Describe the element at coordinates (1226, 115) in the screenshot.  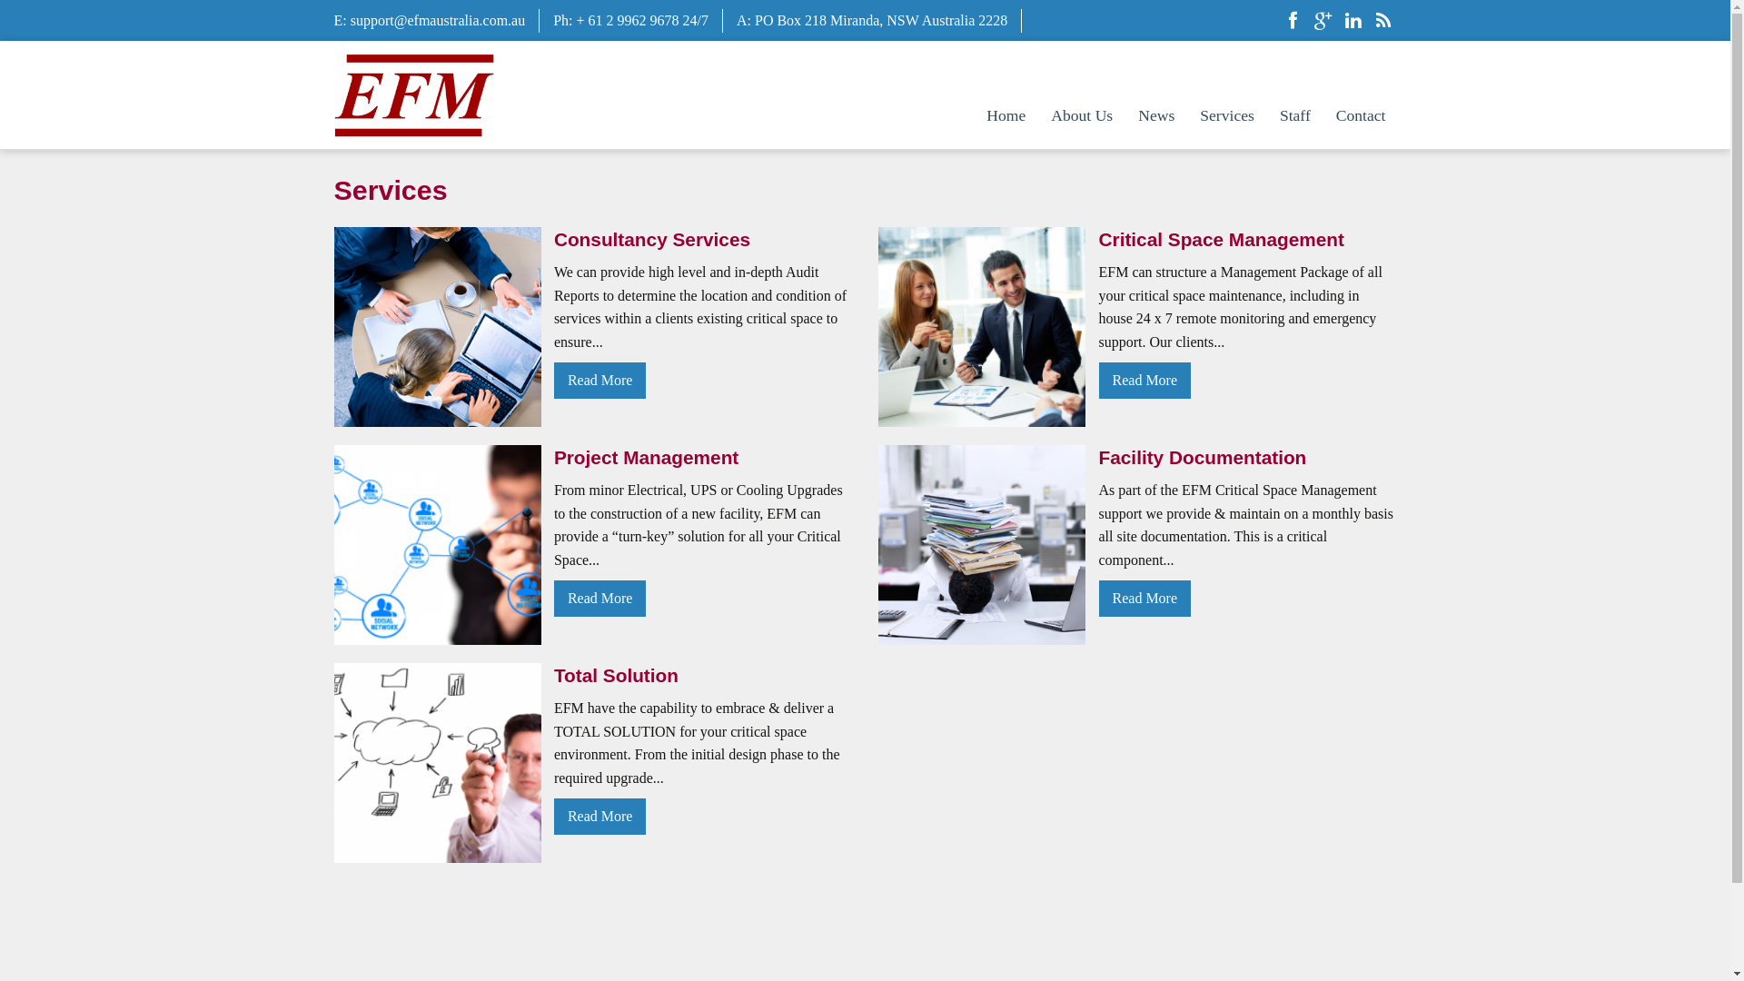
I see `'Services'` at that location.